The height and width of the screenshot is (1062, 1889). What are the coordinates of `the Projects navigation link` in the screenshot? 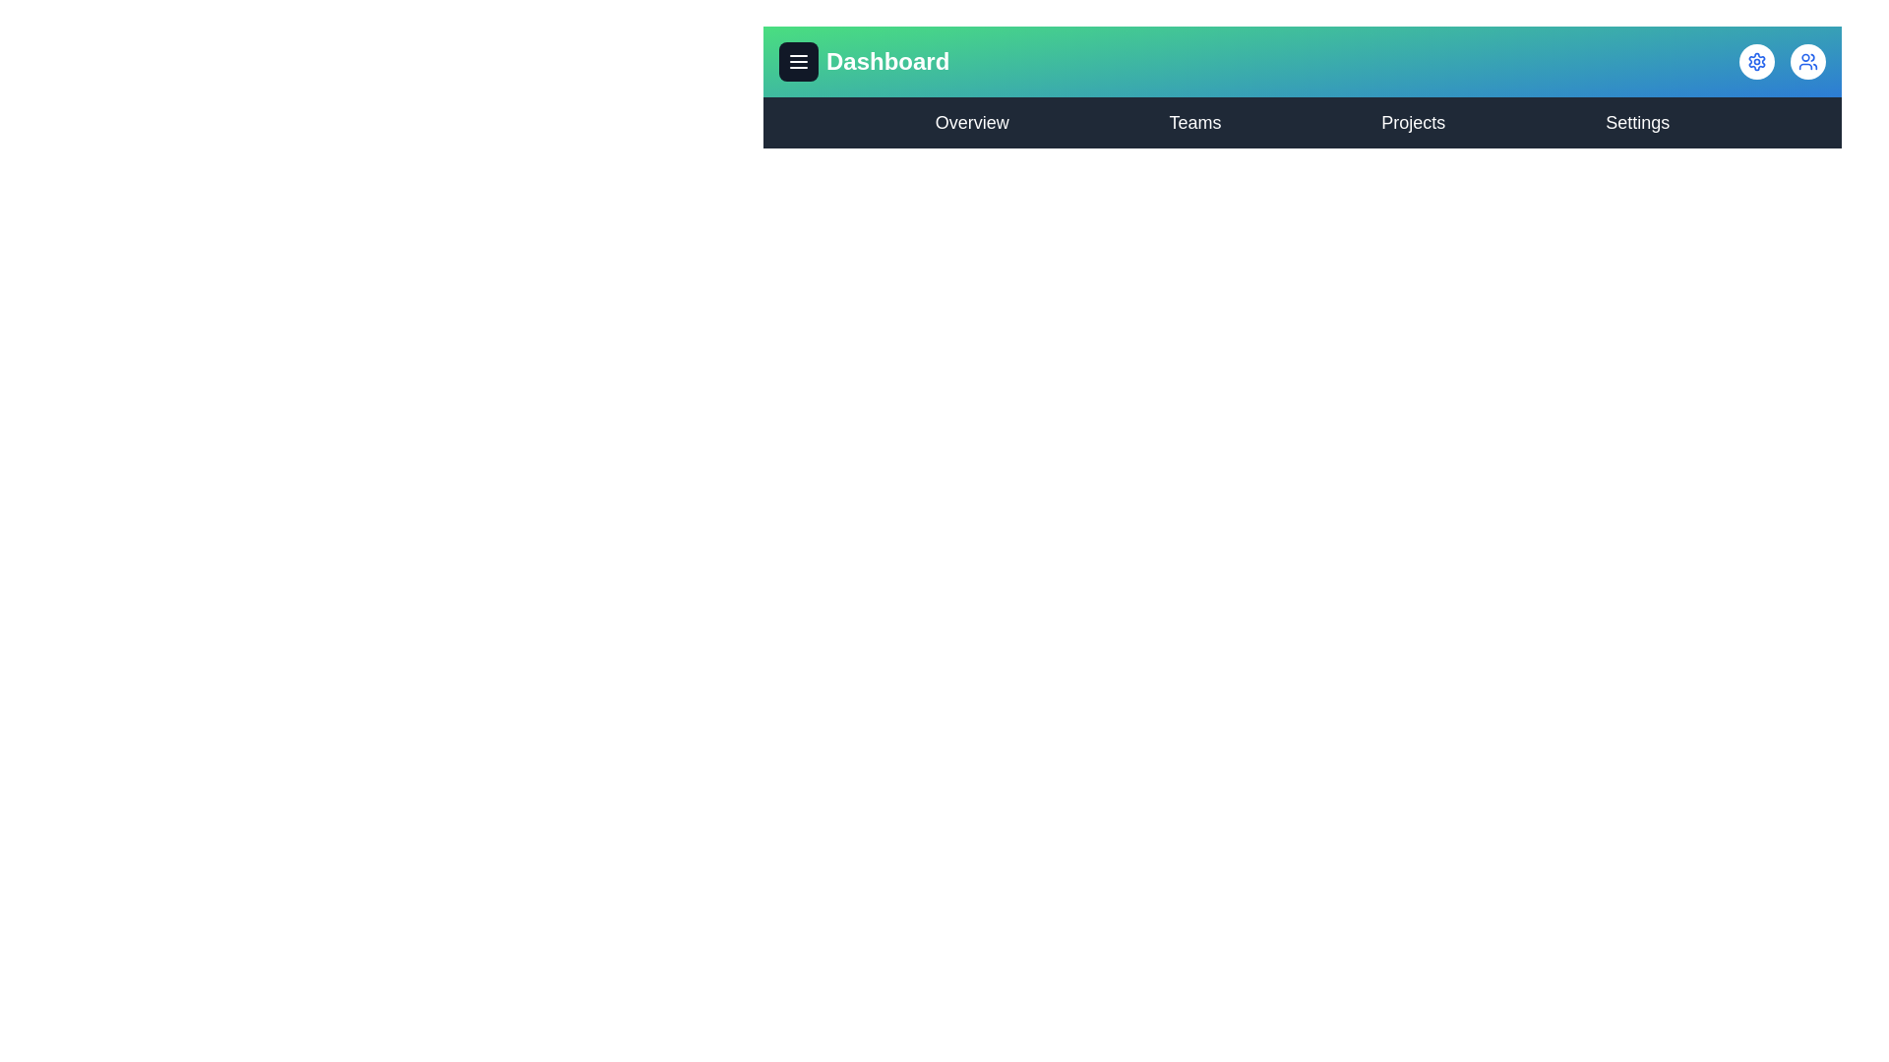 It's located at (1411, 122).